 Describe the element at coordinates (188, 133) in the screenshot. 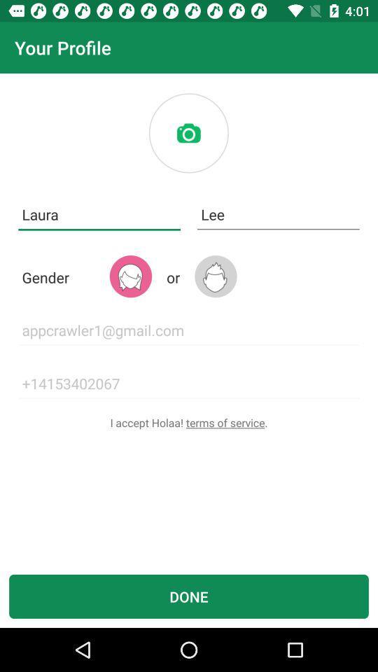

I see `take a profile picture` at that location.